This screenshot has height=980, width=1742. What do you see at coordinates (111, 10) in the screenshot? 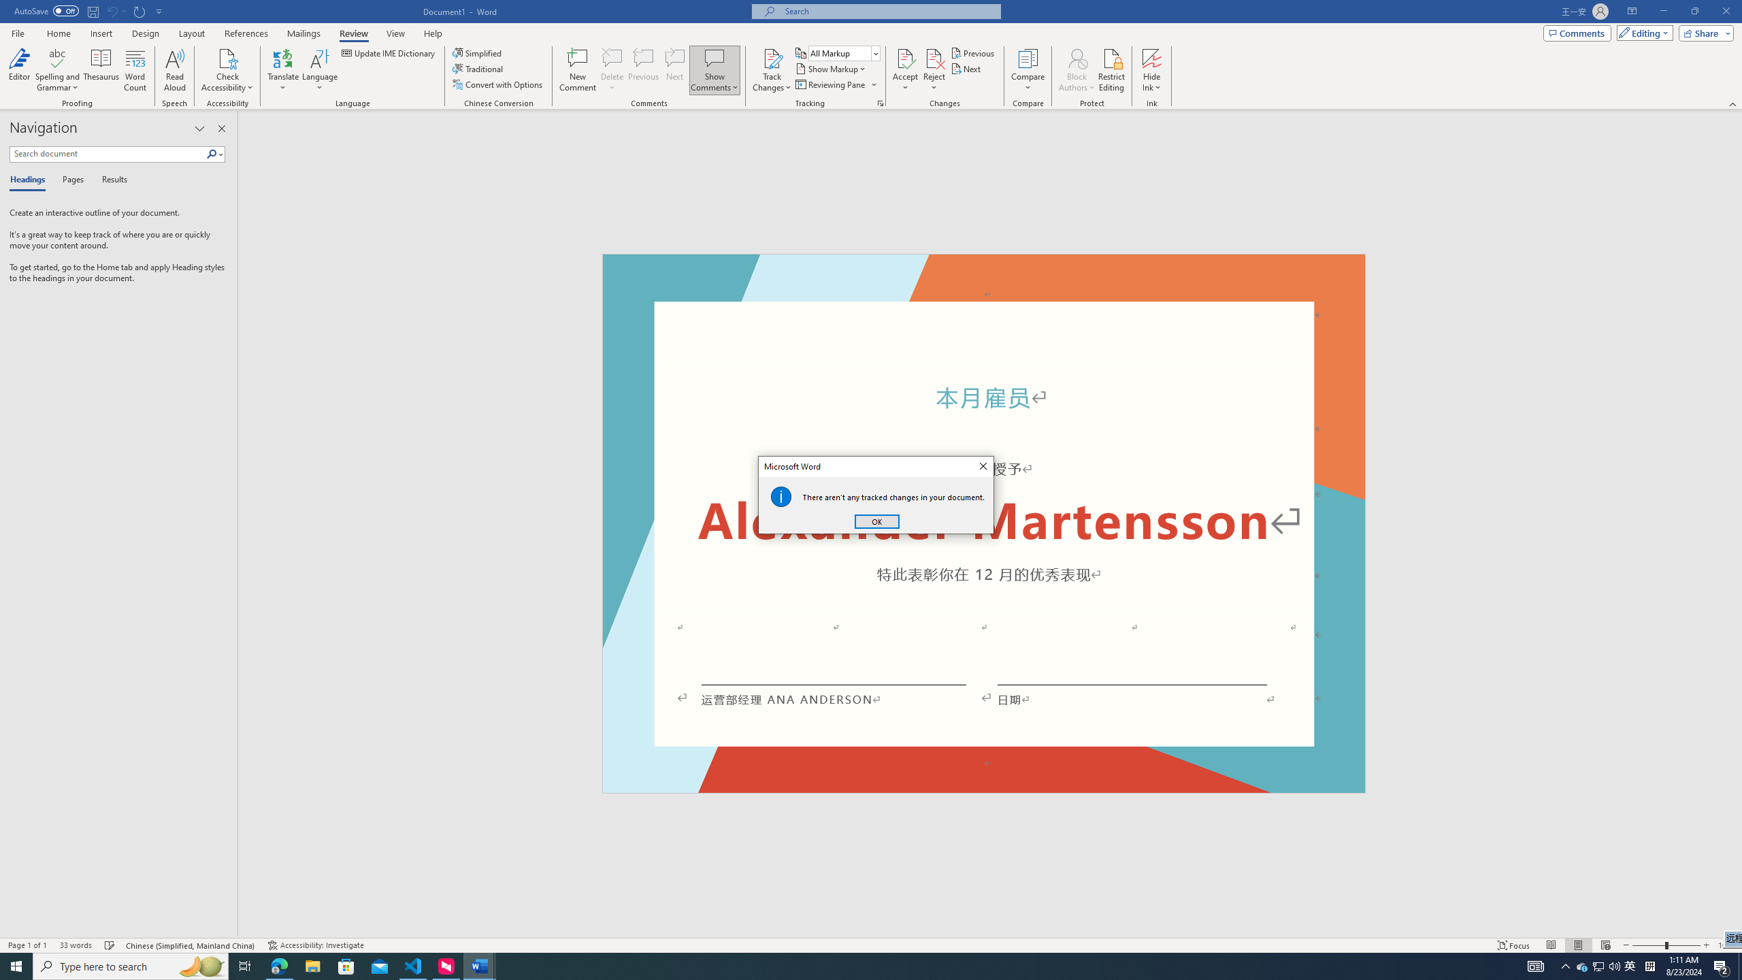
I see `'Can'` at bounding box center [111, 10].